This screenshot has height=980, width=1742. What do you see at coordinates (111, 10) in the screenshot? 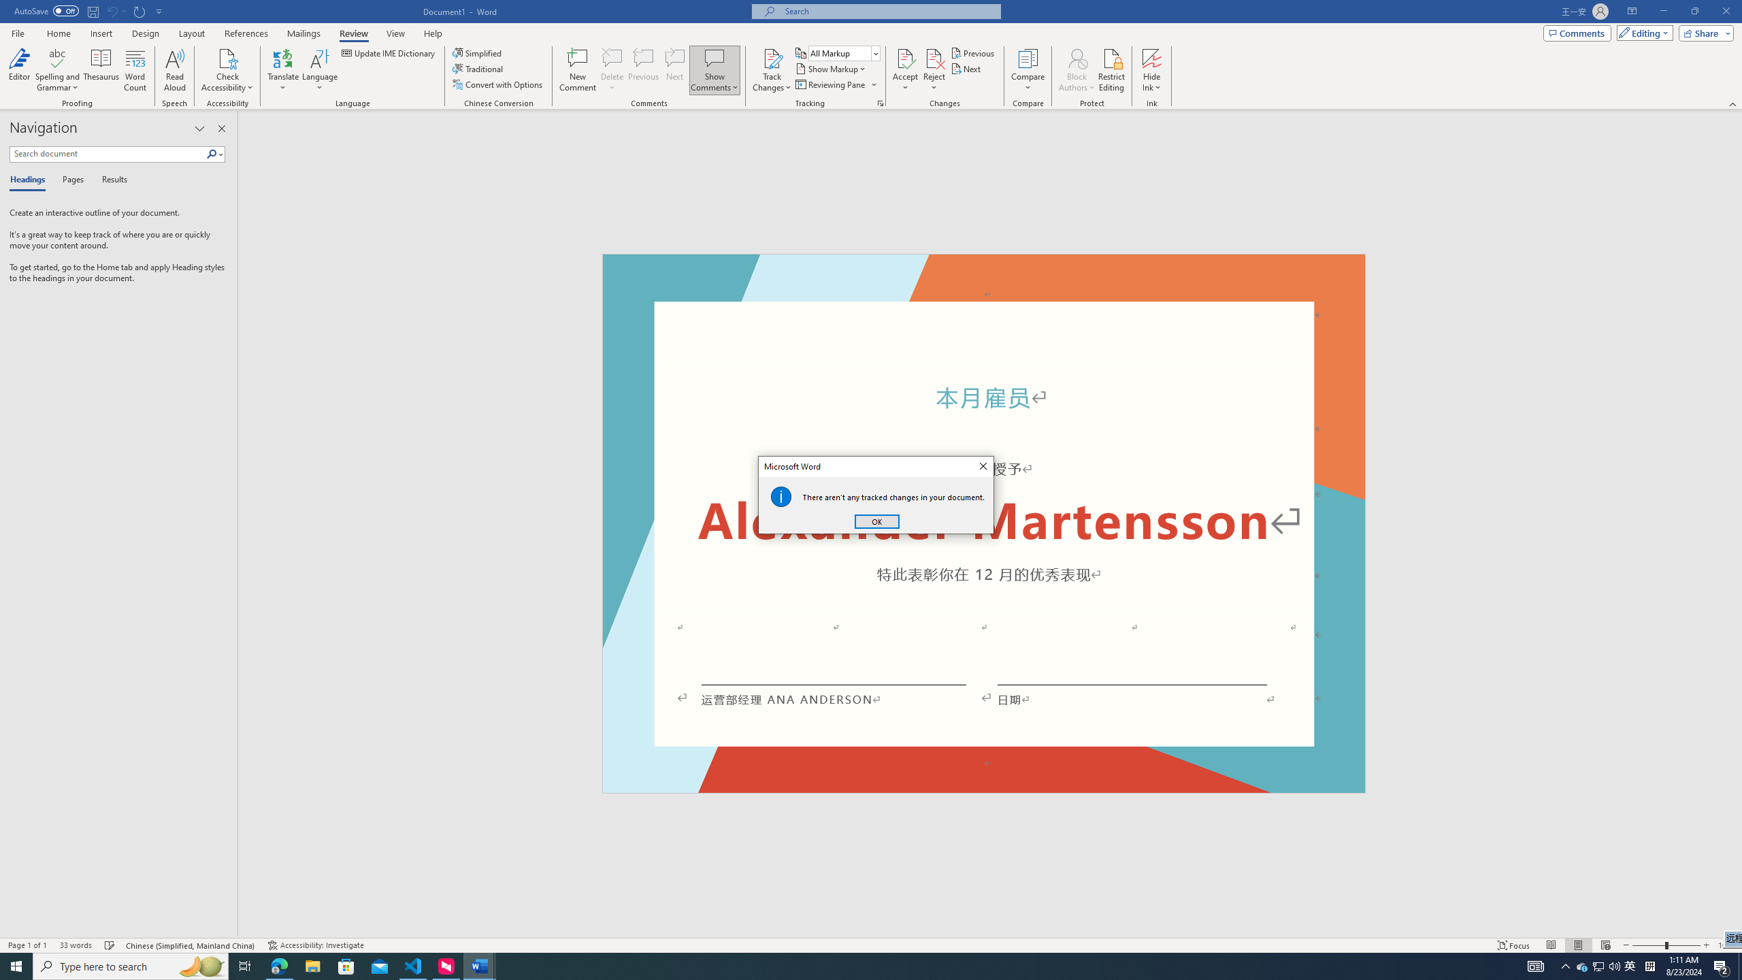
I see `'Can'` at bounding box center [111, 10].